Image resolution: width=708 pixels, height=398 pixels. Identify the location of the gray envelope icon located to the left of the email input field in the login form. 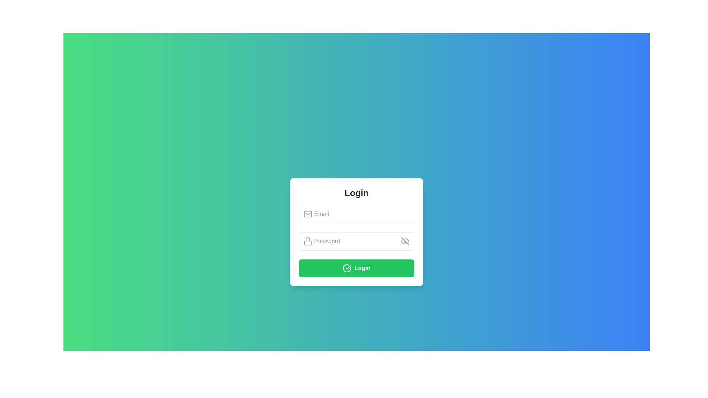
(308, 213).